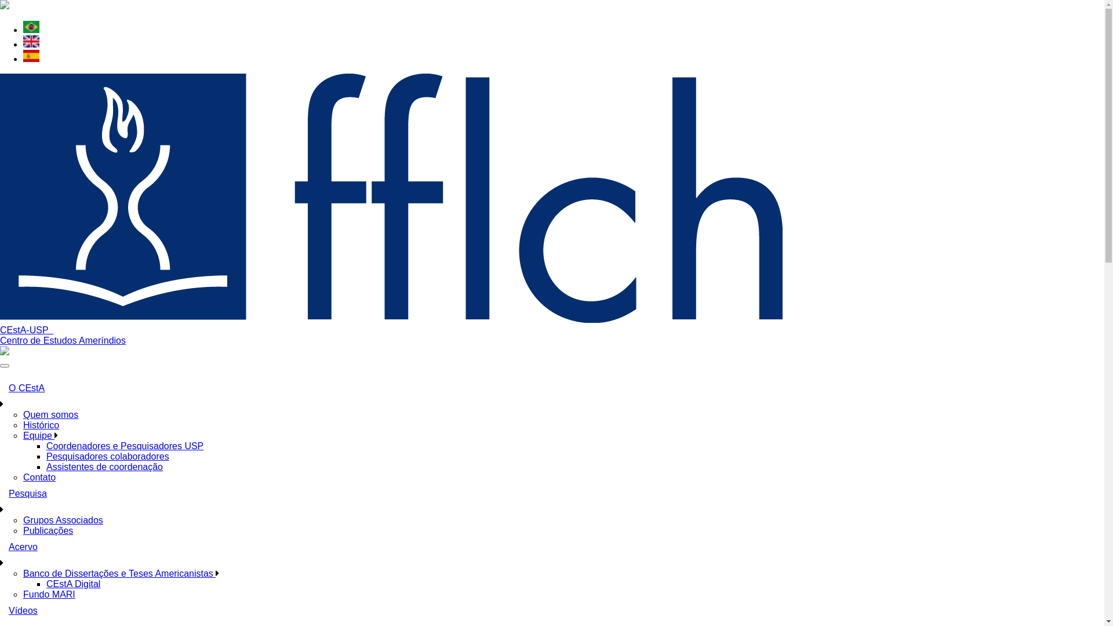  Describe the element at coordinates (63, 519) in the screenshot. I see `'Grupos Associados'` at that location.